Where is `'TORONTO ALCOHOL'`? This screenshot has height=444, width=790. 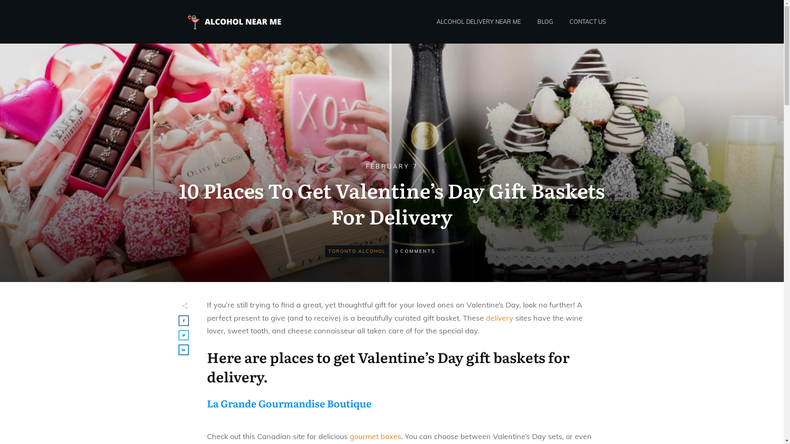 'TORONTO ALCOHOL' is located at coordinates (357, 250).